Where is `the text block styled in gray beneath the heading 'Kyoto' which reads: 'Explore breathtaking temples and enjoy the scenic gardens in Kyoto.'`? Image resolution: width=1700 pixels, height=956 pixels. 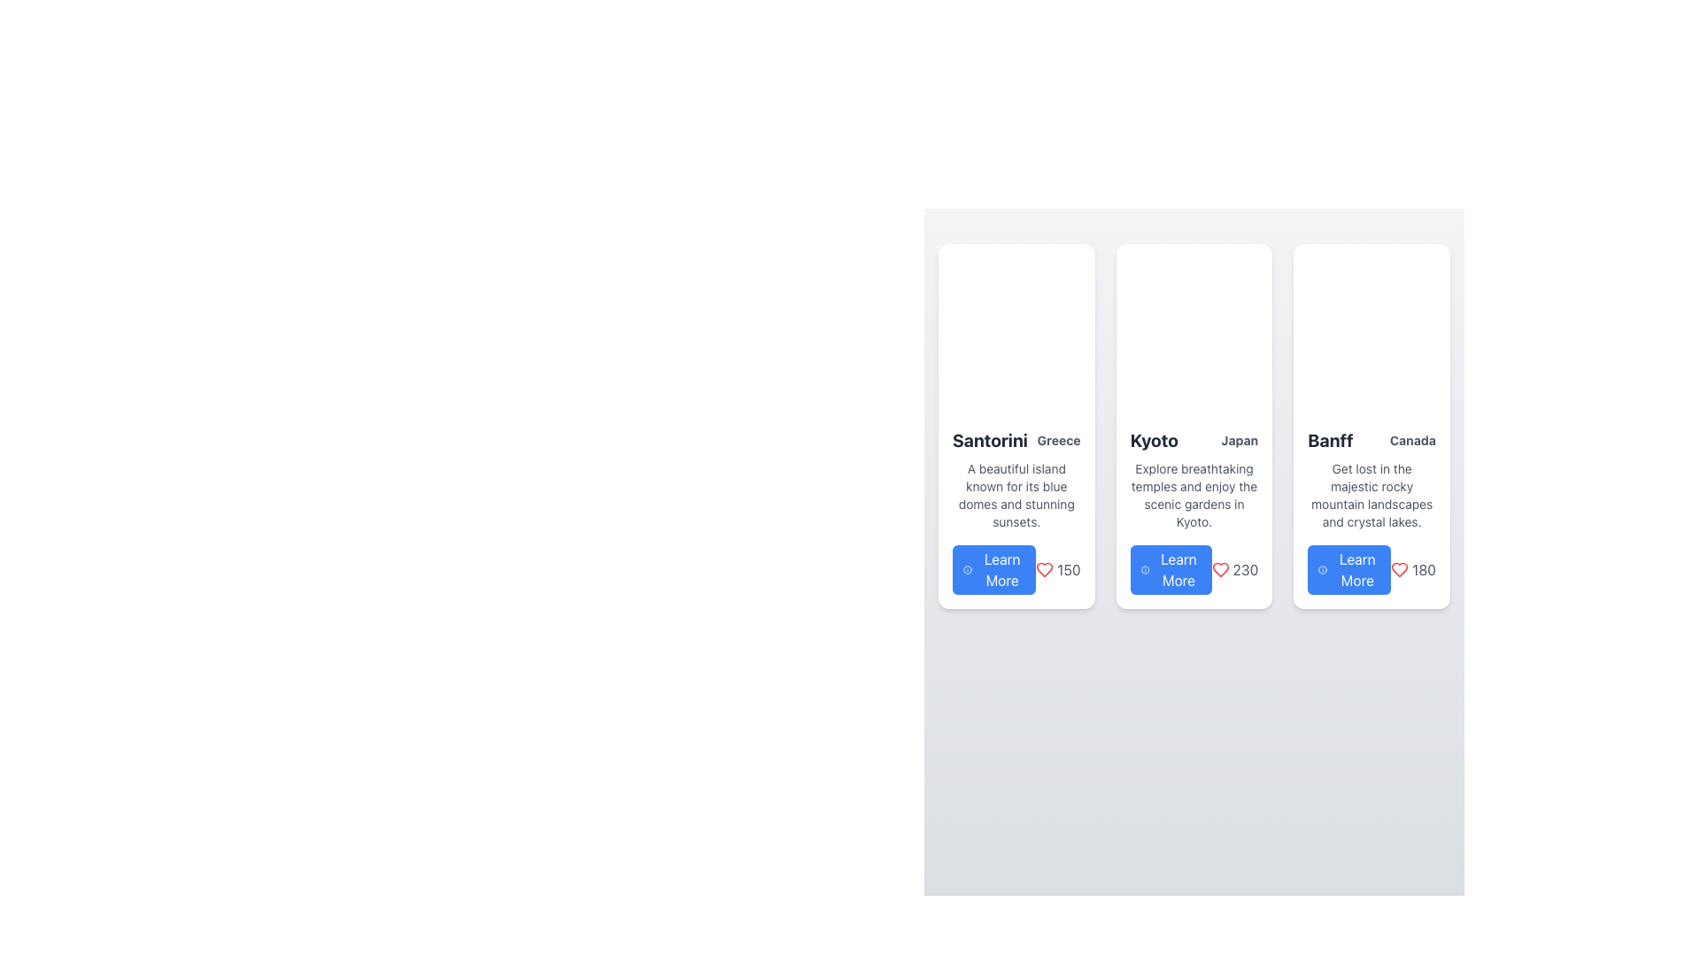 the text block styled in gray beneath the heading 'Kyoto' which reads: 'Explore breathtaking temples and enjoy the scenic gardens in Kyoto.' is located at coordinates (1194, 495).